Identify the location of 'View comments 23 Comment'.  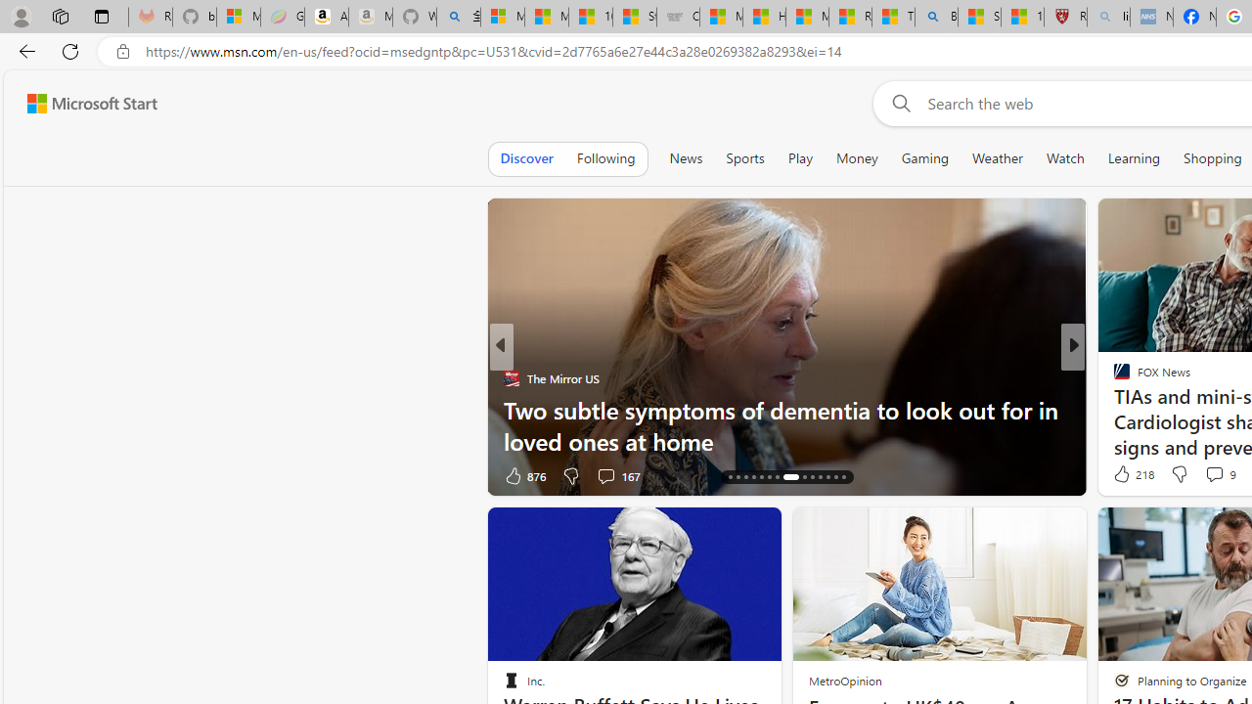
(1216, 475).